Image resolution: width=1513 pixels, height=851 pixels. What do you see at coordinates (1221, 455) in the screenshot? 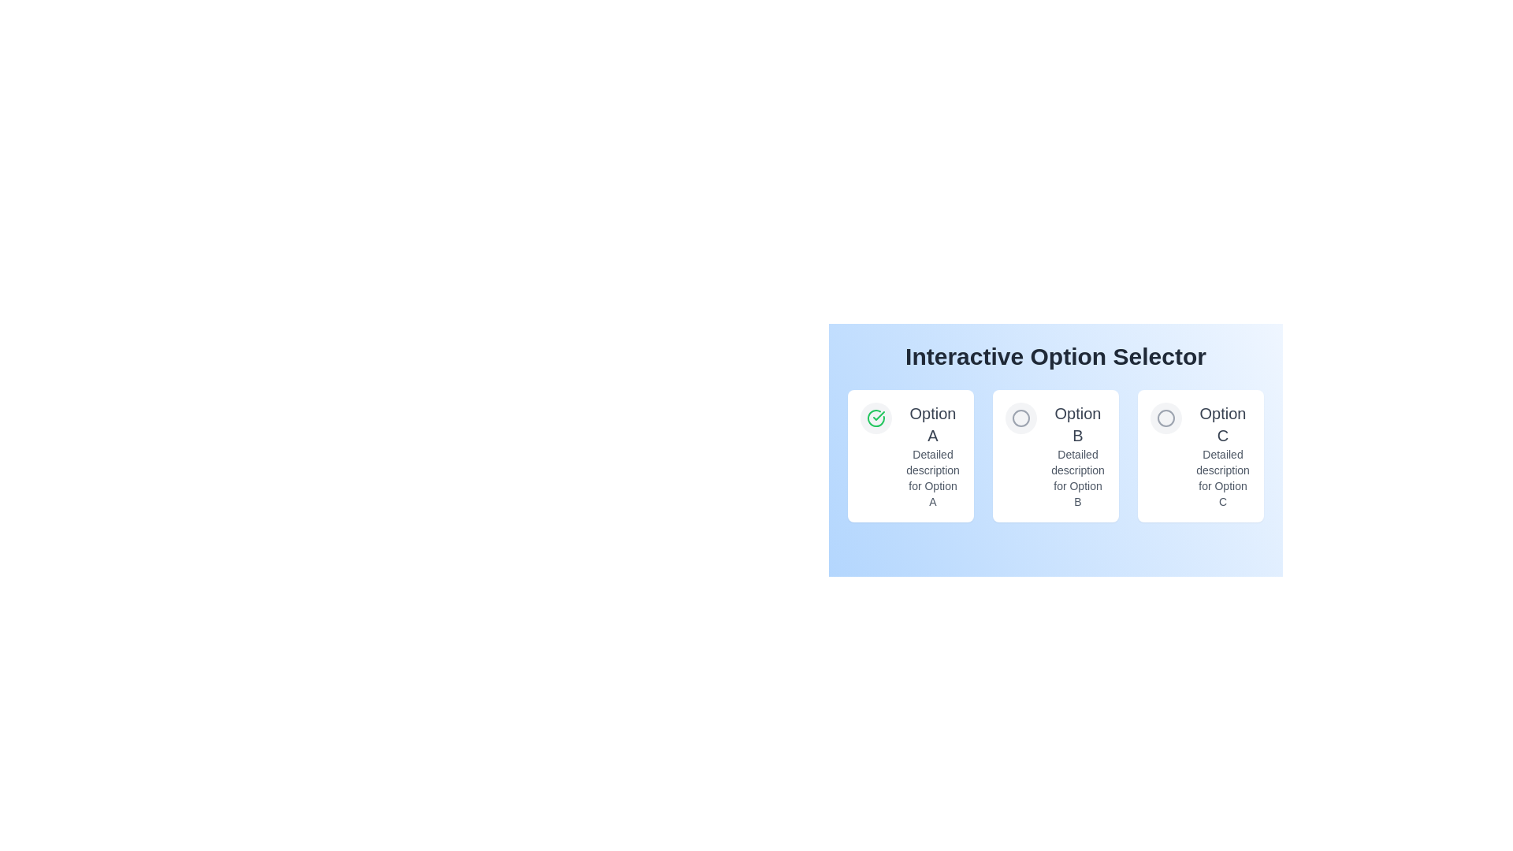
I see `the third selectable option in a group of options, positioned to the right of 'Option B'` at bounding box center [1221, 455].